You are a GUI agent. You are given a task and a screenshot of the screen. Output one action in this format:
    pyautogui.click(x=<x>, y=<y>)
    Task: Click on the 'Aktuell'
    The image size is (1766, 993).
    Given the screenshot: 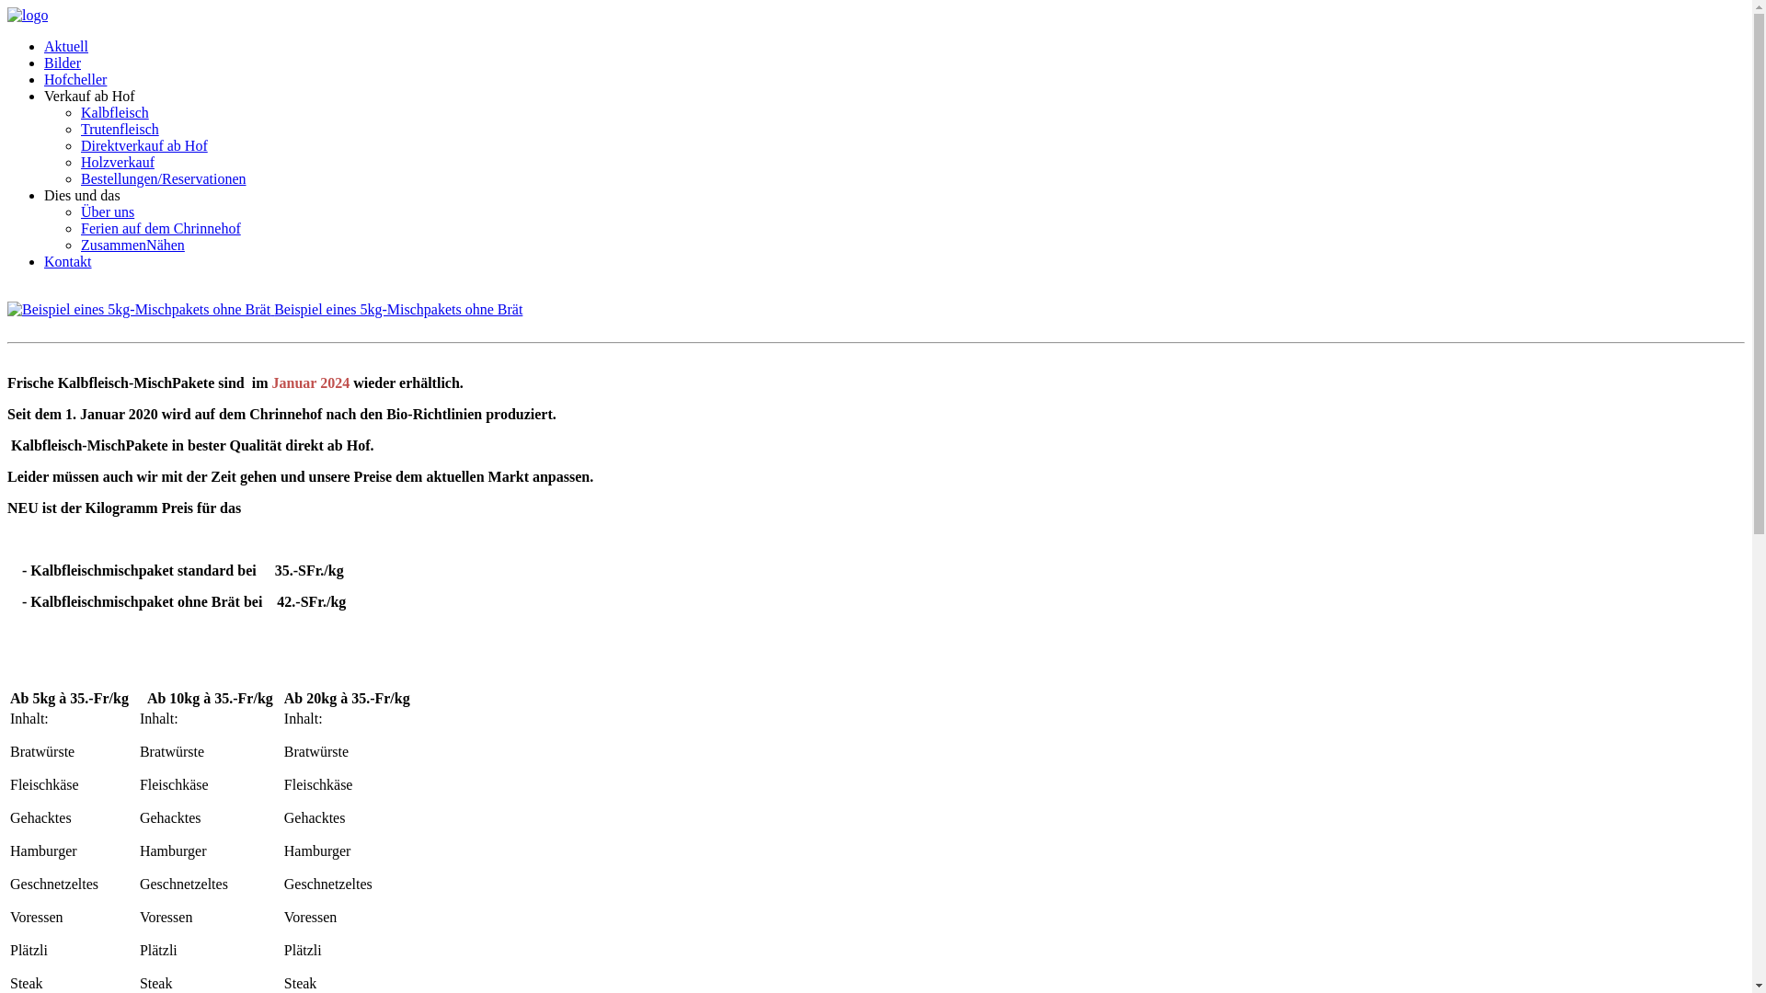 What is the action you would take?
    pyautogui.click(x=44, y=45)
    